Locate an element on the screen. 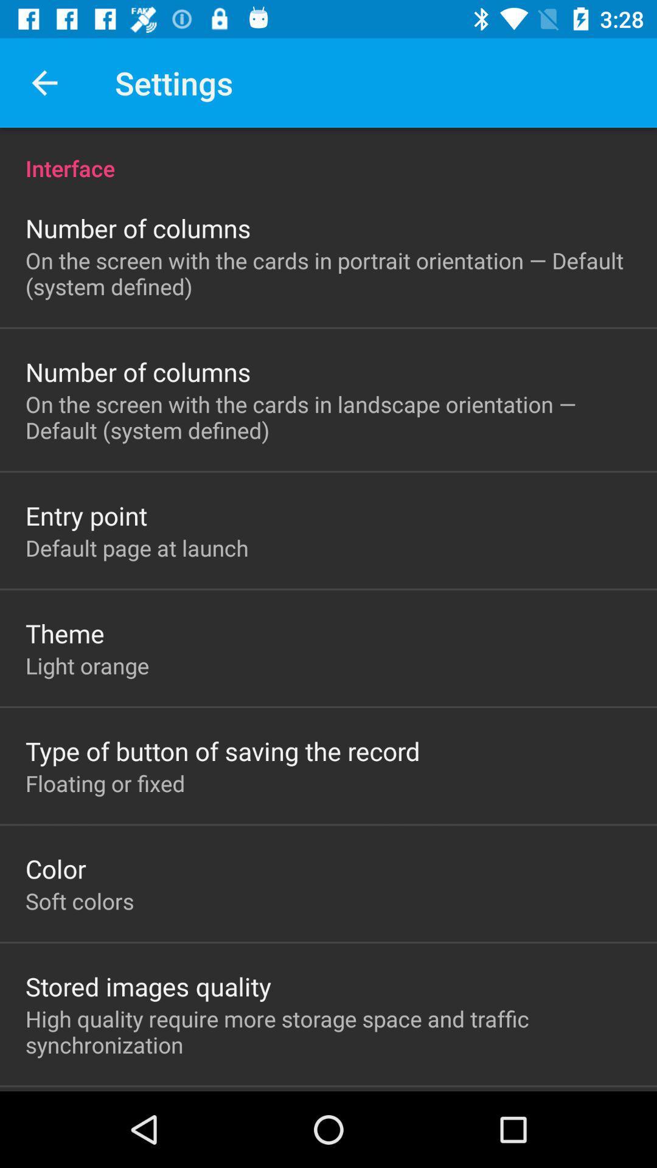 The height and width of the screenshot is (1168, 657). the item above interface is located at coordinates (44, 82).